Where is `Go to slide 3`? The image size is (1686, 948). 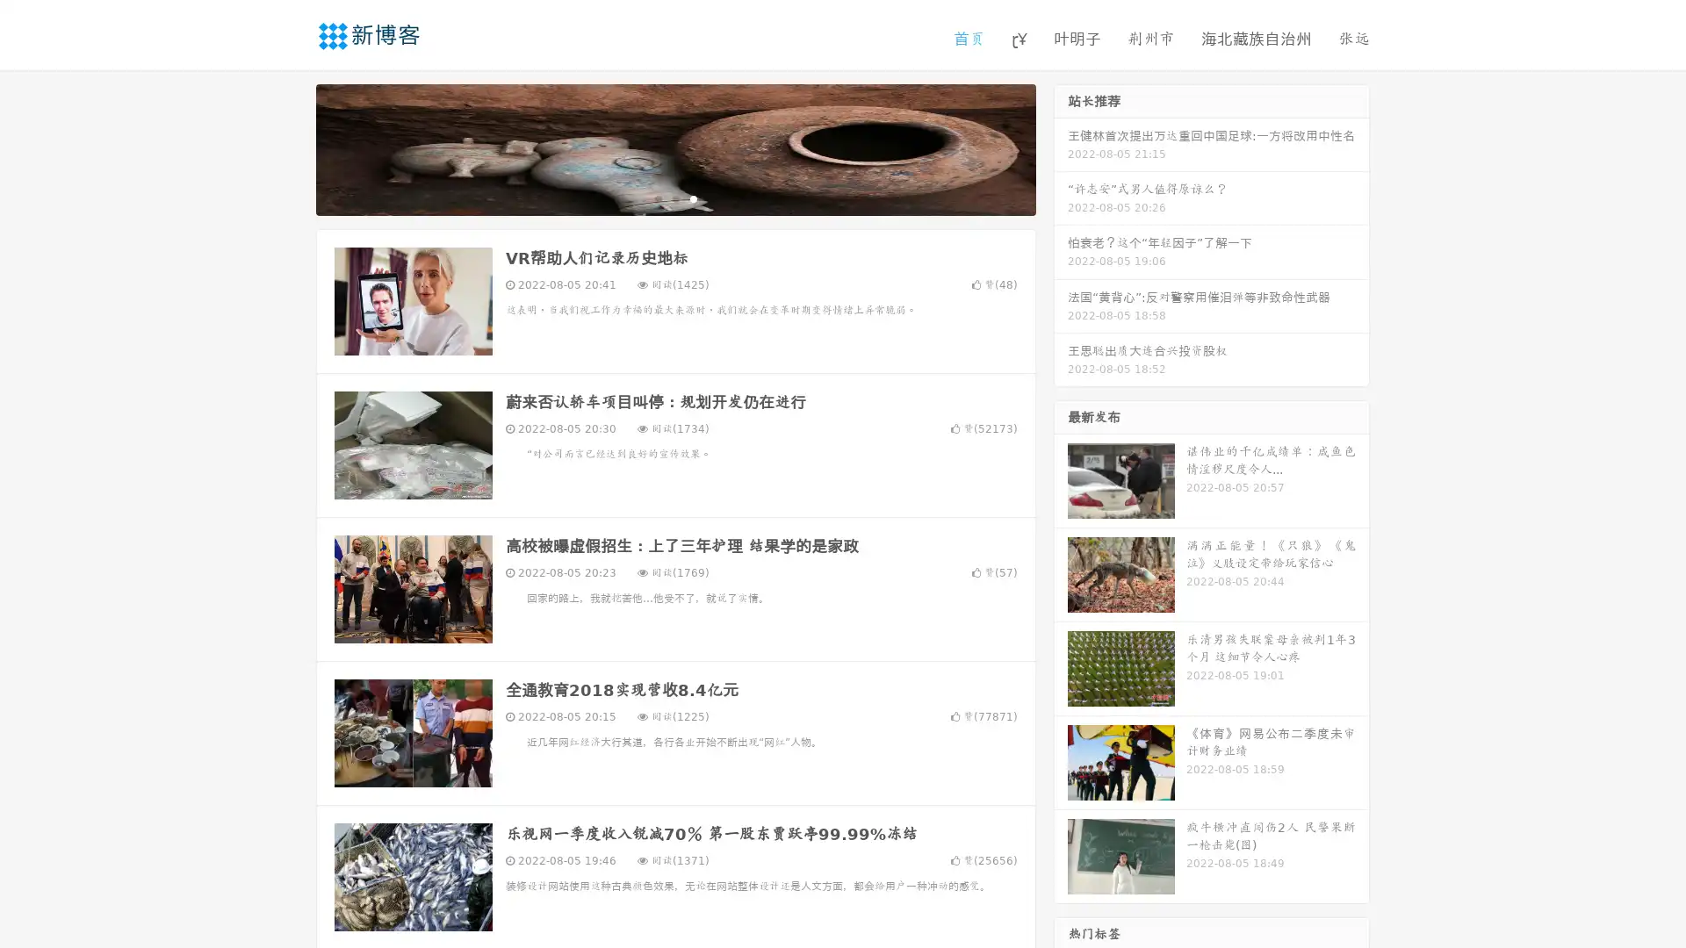
Go to slide 3 is located at coordinates (693, 197).